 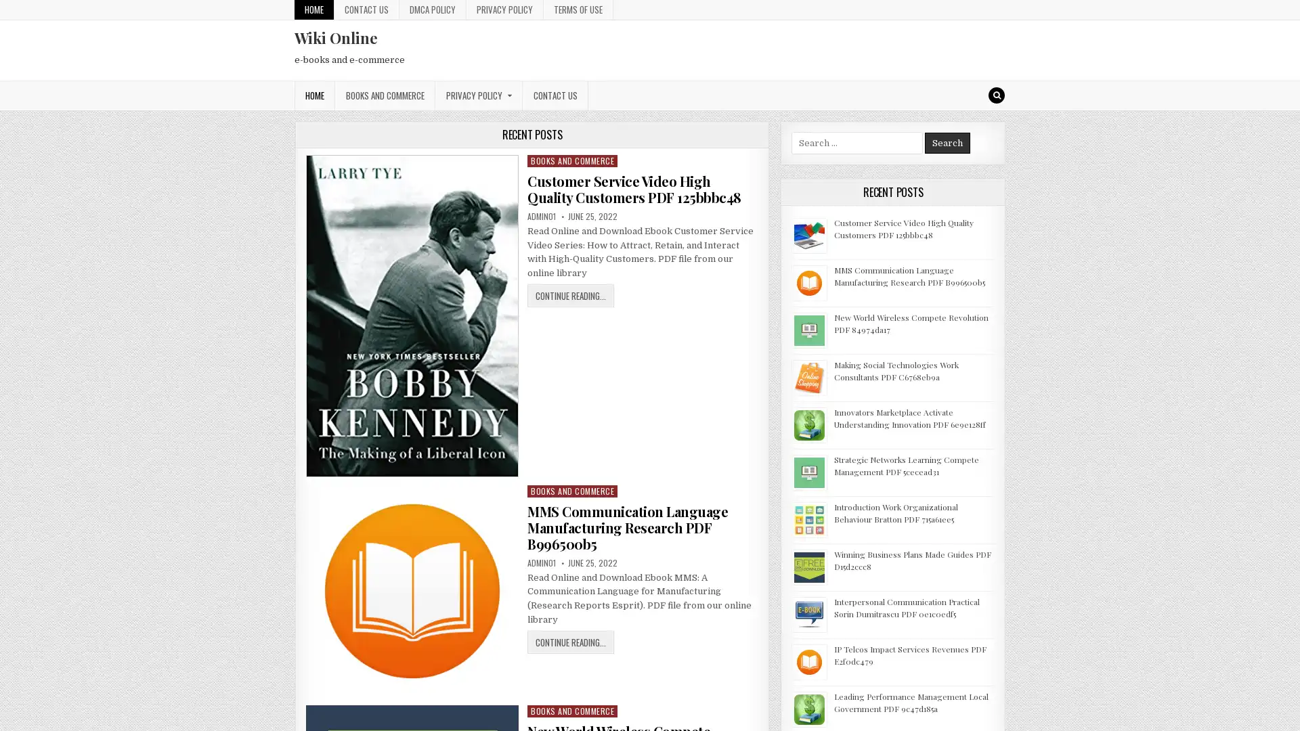 What do you see at coordinates (947, 143) in the screenshot?
I see `Search` at bounding box center [947, 143].